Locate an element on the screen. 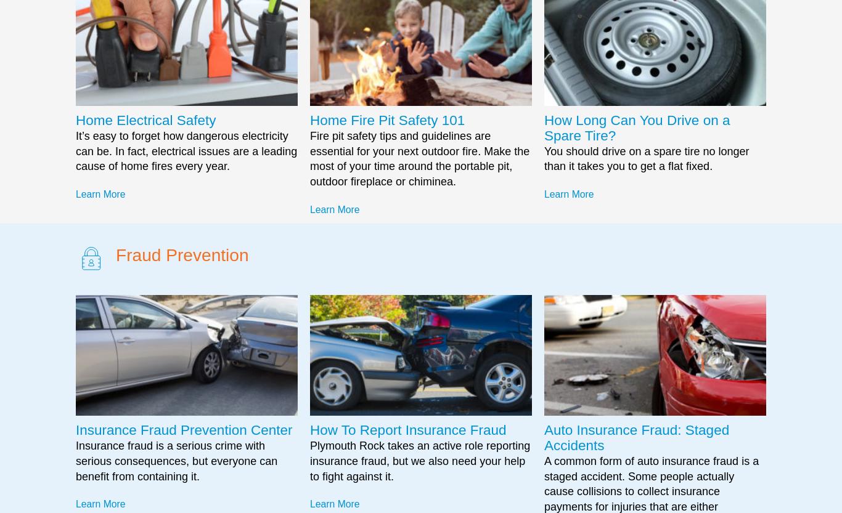  'How Long Can You Drive on a Spare Tire?' is located at coordinates (543, 127).